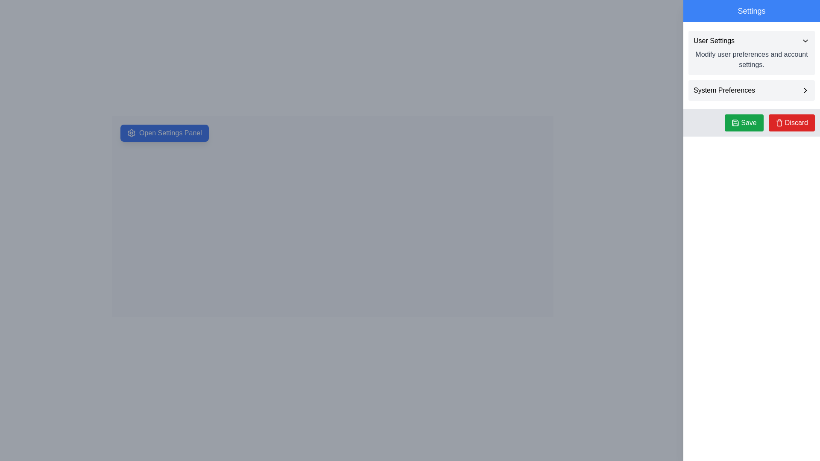 The width and height of the screenshot is (820, 461). What do you see at coordinates (752, 90) in the screenshot?
I see `the button located in the right panel under 'User Settings'` at bounding box center [752, 90].